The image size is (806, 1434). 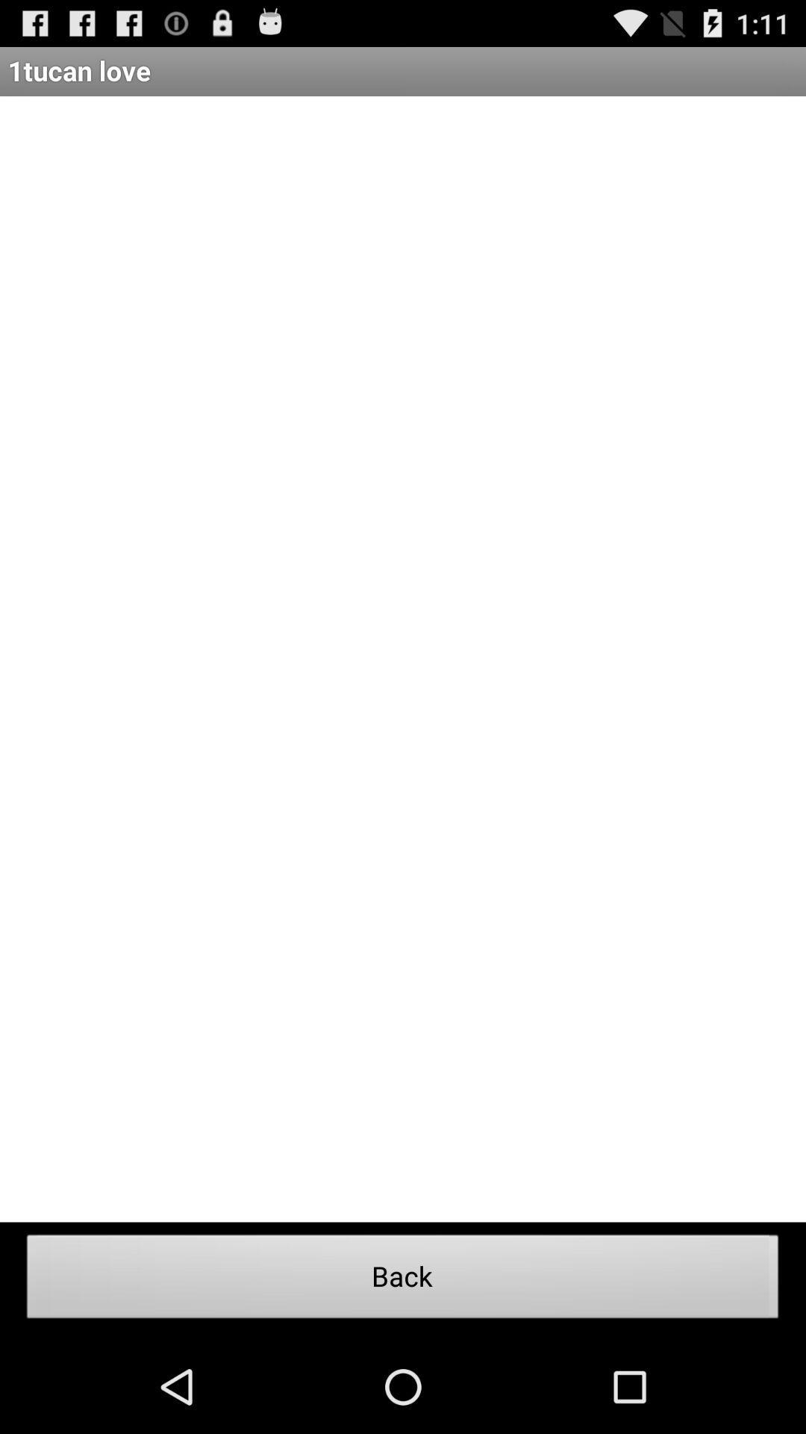 I want to click on the back icon, so click(x=403, y=1280).